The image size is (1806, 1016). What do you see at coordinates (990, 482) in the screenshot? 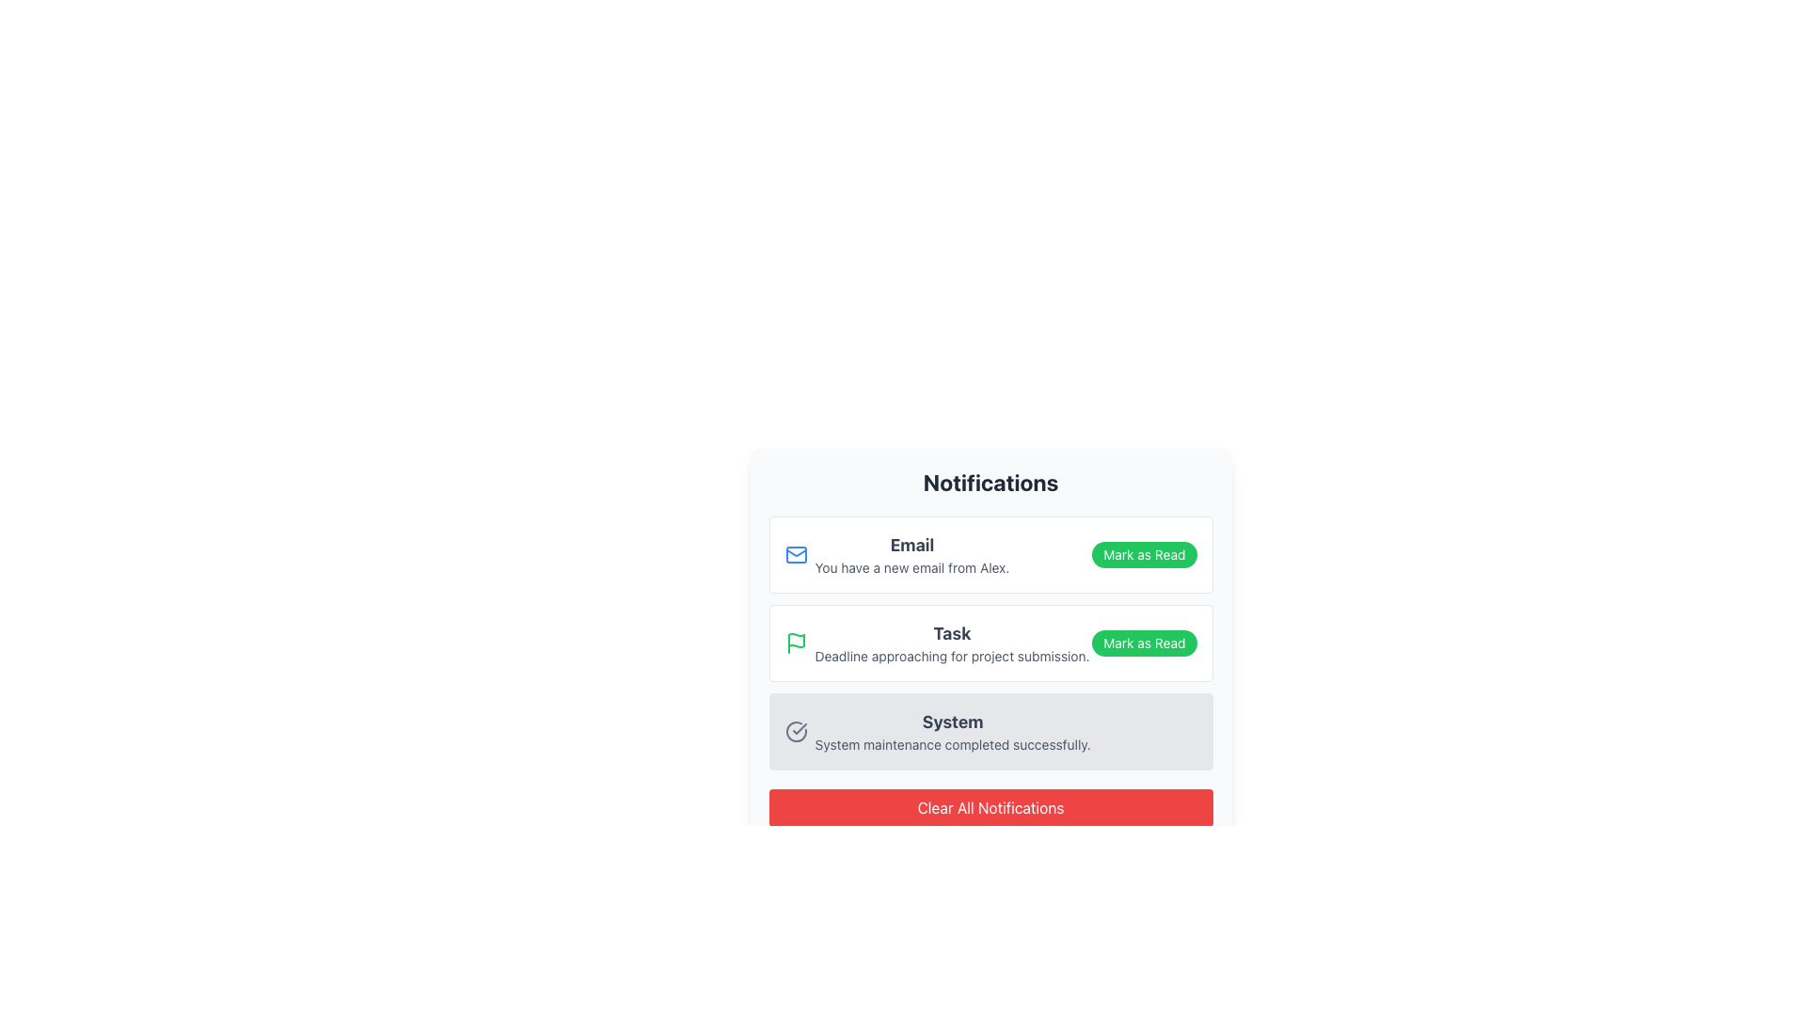
I see `the bold and large-text heading labeled 'Notifications' at the top of the notification panel` at bounding box center [990, 482].